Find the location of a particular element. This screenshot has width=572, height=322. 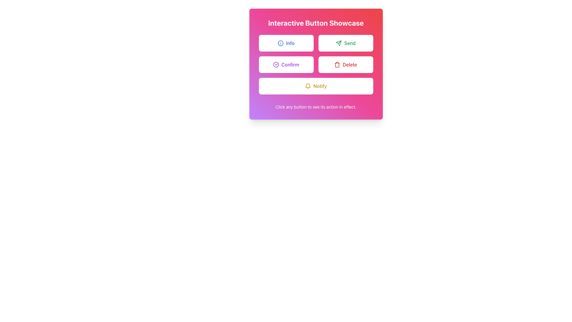

the 'Delete' button, which is identified by the icon indicating a delete action, located in the second row and second column of the button grid within the 'Interactive Button Showcase.' is located at coordinates (337, 64).